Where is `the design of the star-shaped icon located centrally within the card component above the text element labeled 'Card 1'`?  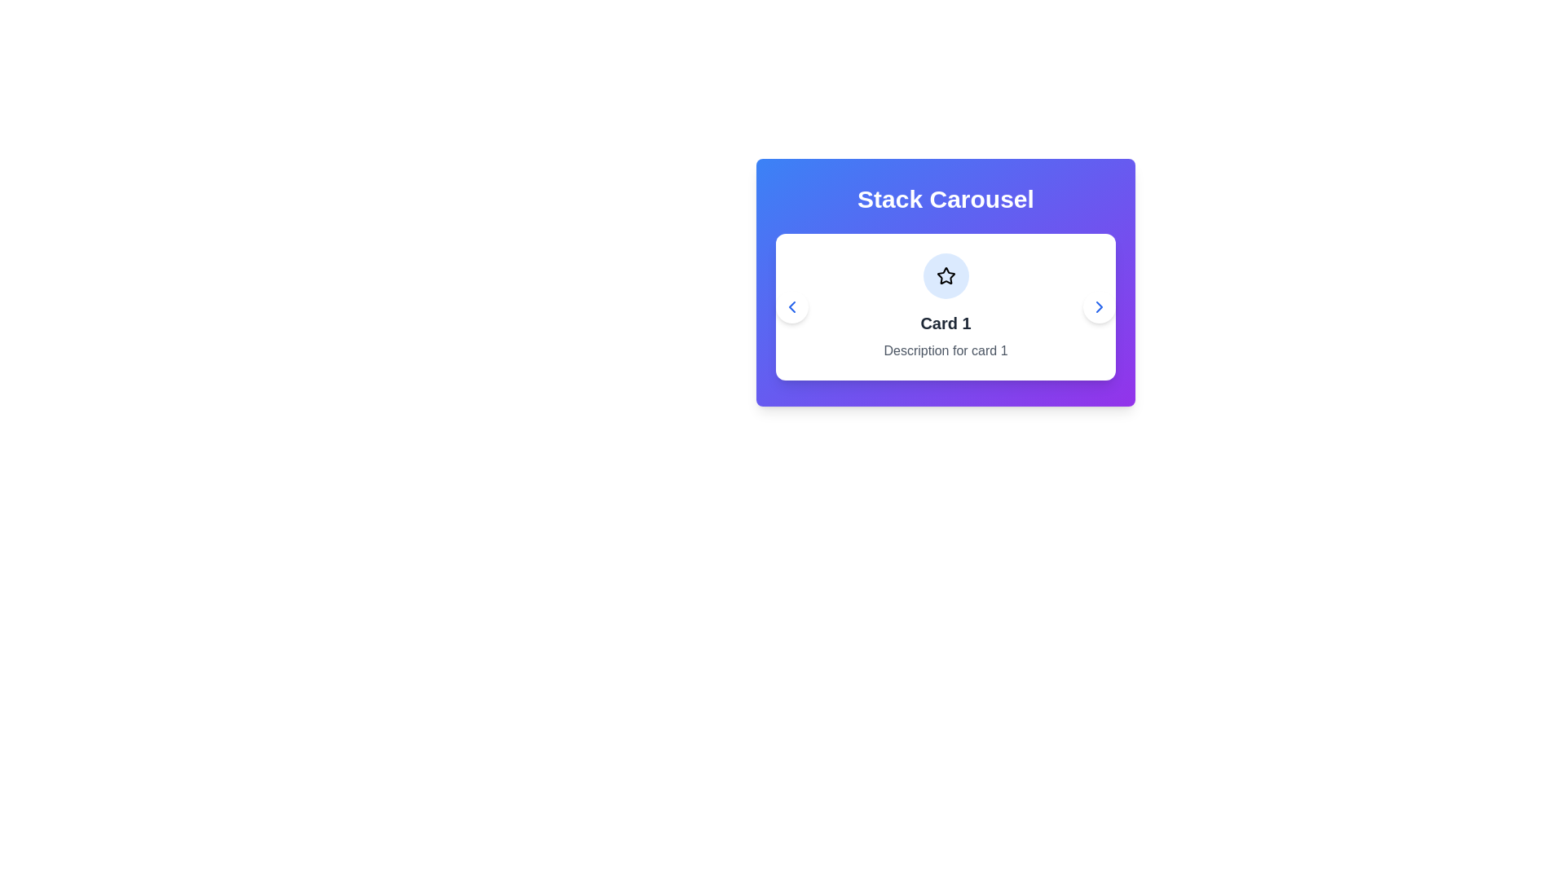
the design of the star-shaped icon located centrally within the card component above the text element labeled 'Card 1' is located at coordinates (946, 275).